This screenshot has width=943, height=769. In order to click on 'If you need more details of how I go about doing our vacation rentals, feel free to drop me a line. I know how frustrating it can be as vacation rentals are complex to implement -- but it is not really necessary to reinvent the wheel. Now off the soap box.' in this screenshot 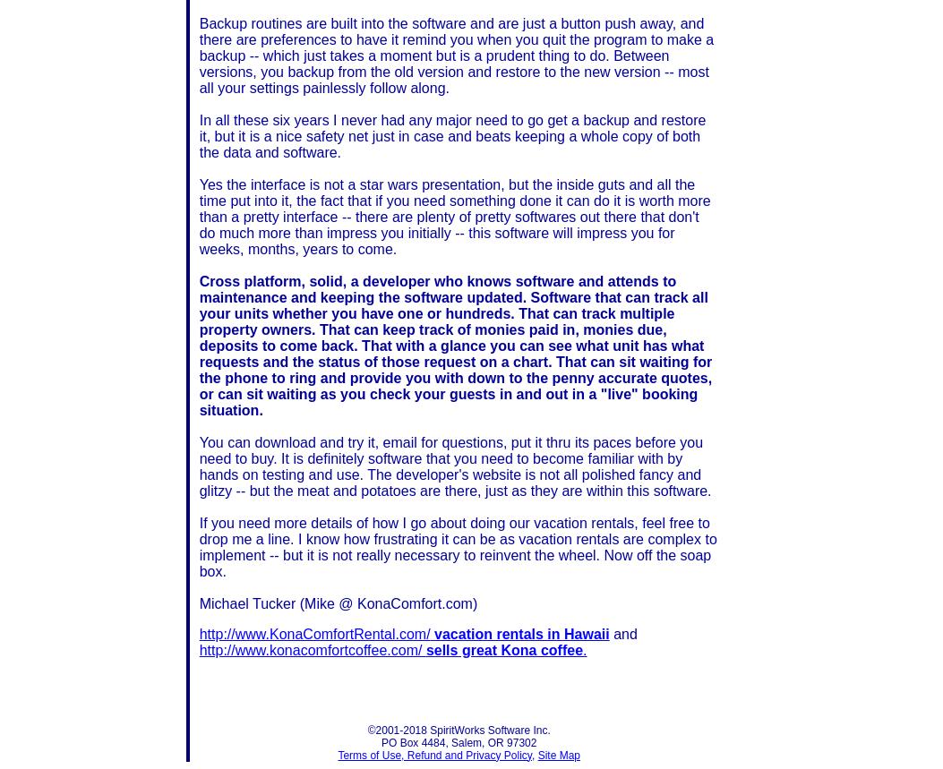, I will do `click(458, 546)`.